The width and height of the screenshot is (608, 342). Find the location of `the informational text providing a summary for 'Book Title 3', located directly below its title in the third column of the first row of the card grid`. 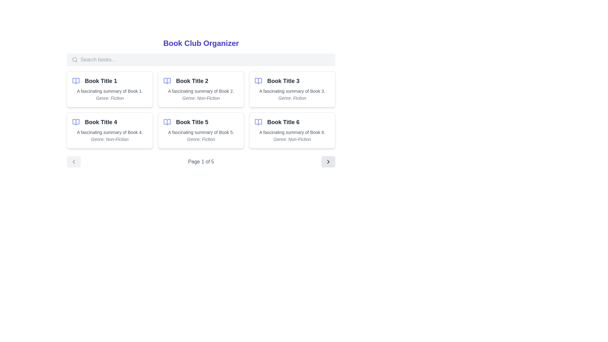

the informational text providing a summary for 'Book Title 3', located directly below its title in the third column of the first row of the card grid is located at coordinates (292, 91).